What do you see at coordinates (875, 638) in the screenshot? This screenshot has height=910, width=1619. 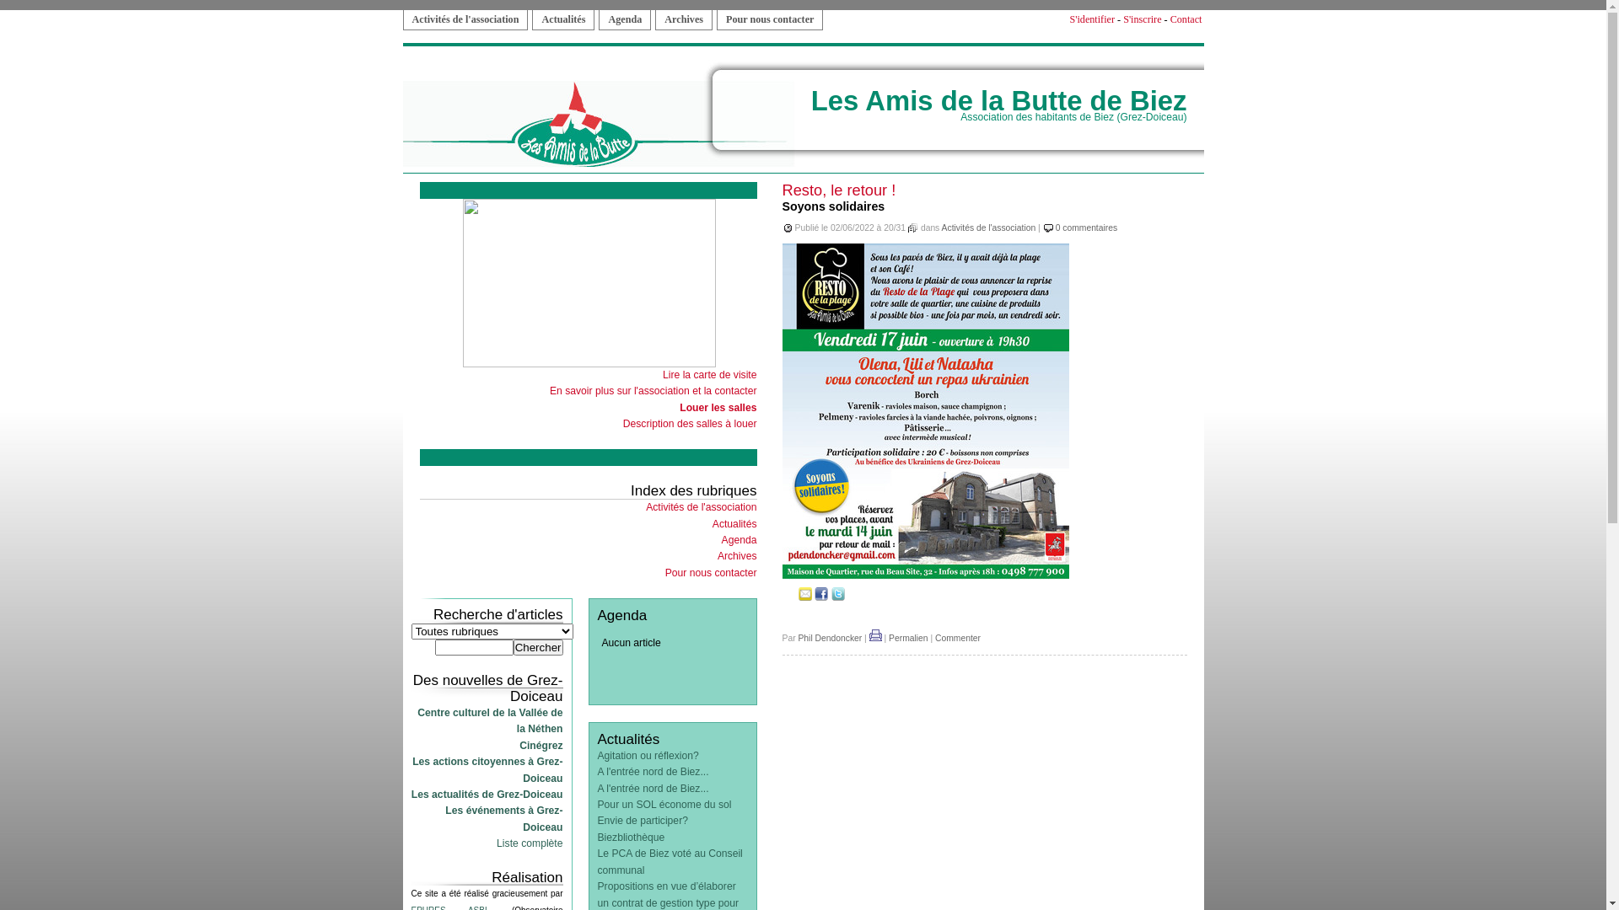 I see `'Version imprimable'` at bounding box center [875, 638].